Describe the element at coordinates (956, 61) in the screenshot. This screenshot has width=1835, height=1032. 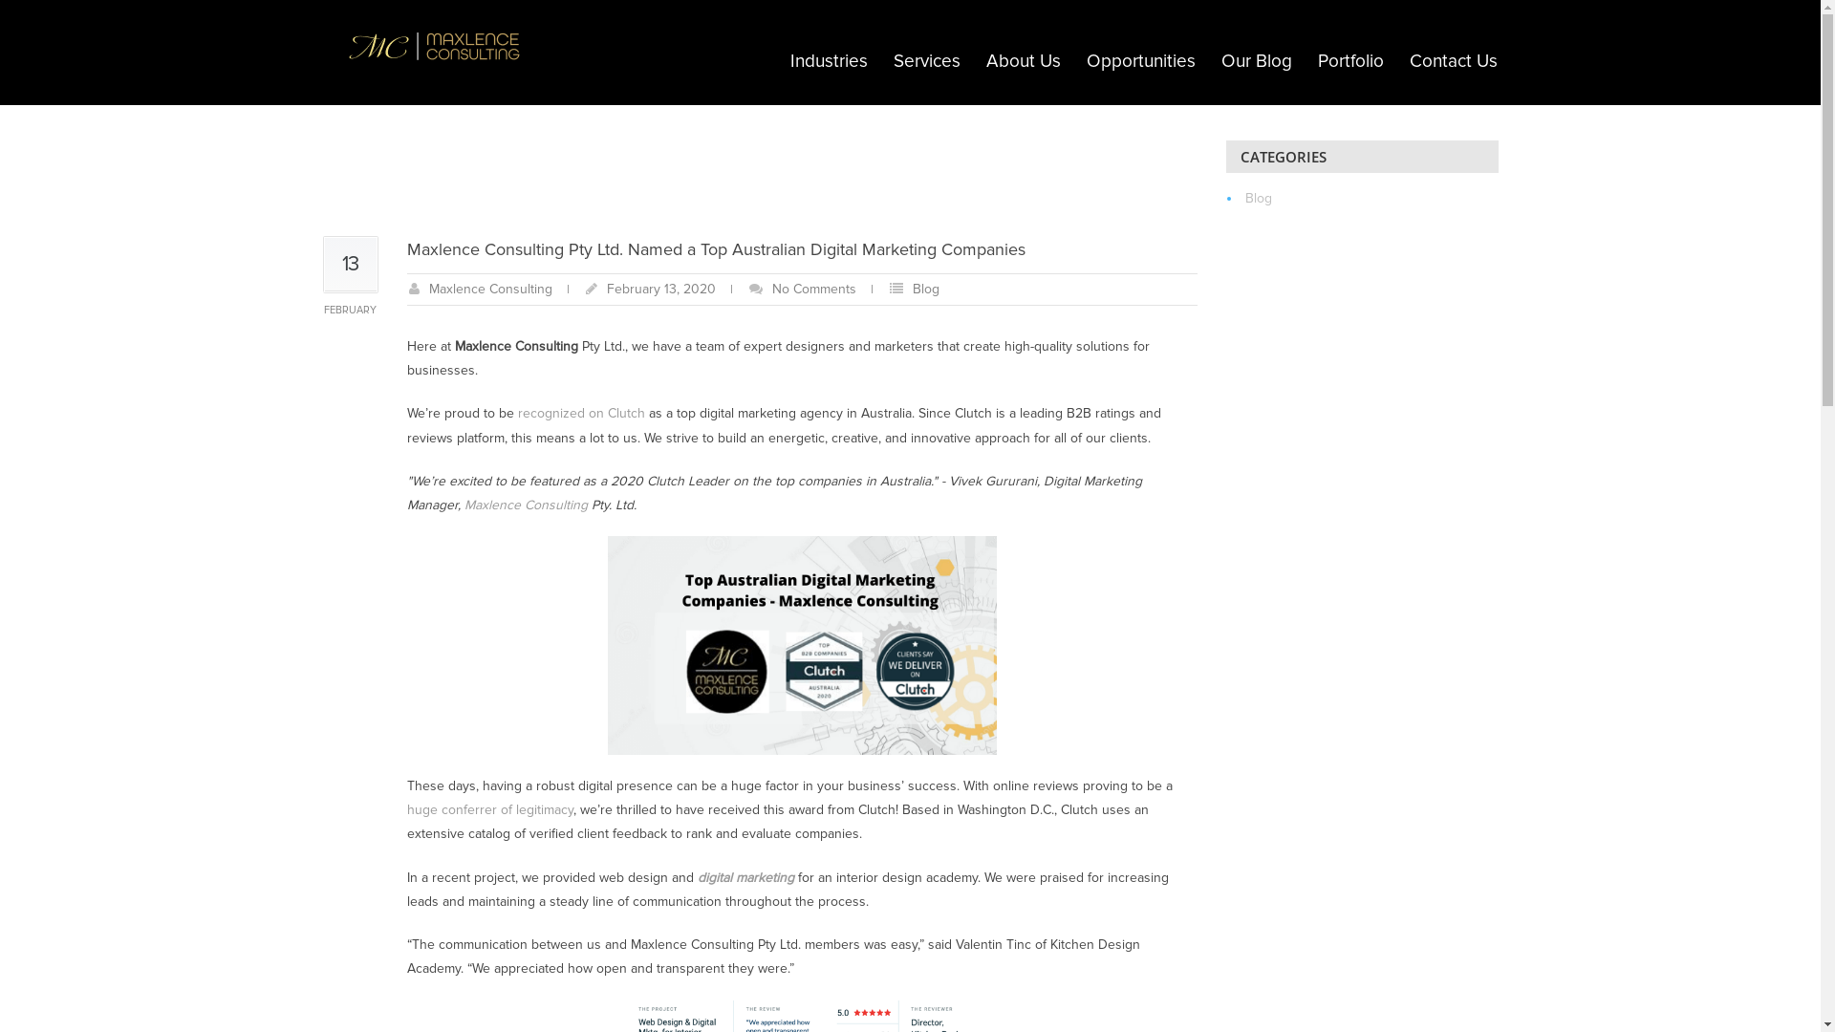
I see `'Home'` at that location.